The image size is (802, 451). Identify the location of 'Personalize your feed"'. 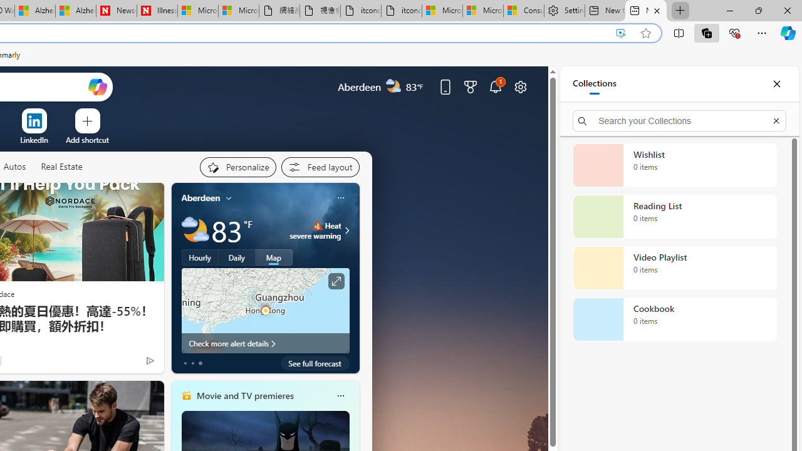
(237, 167).